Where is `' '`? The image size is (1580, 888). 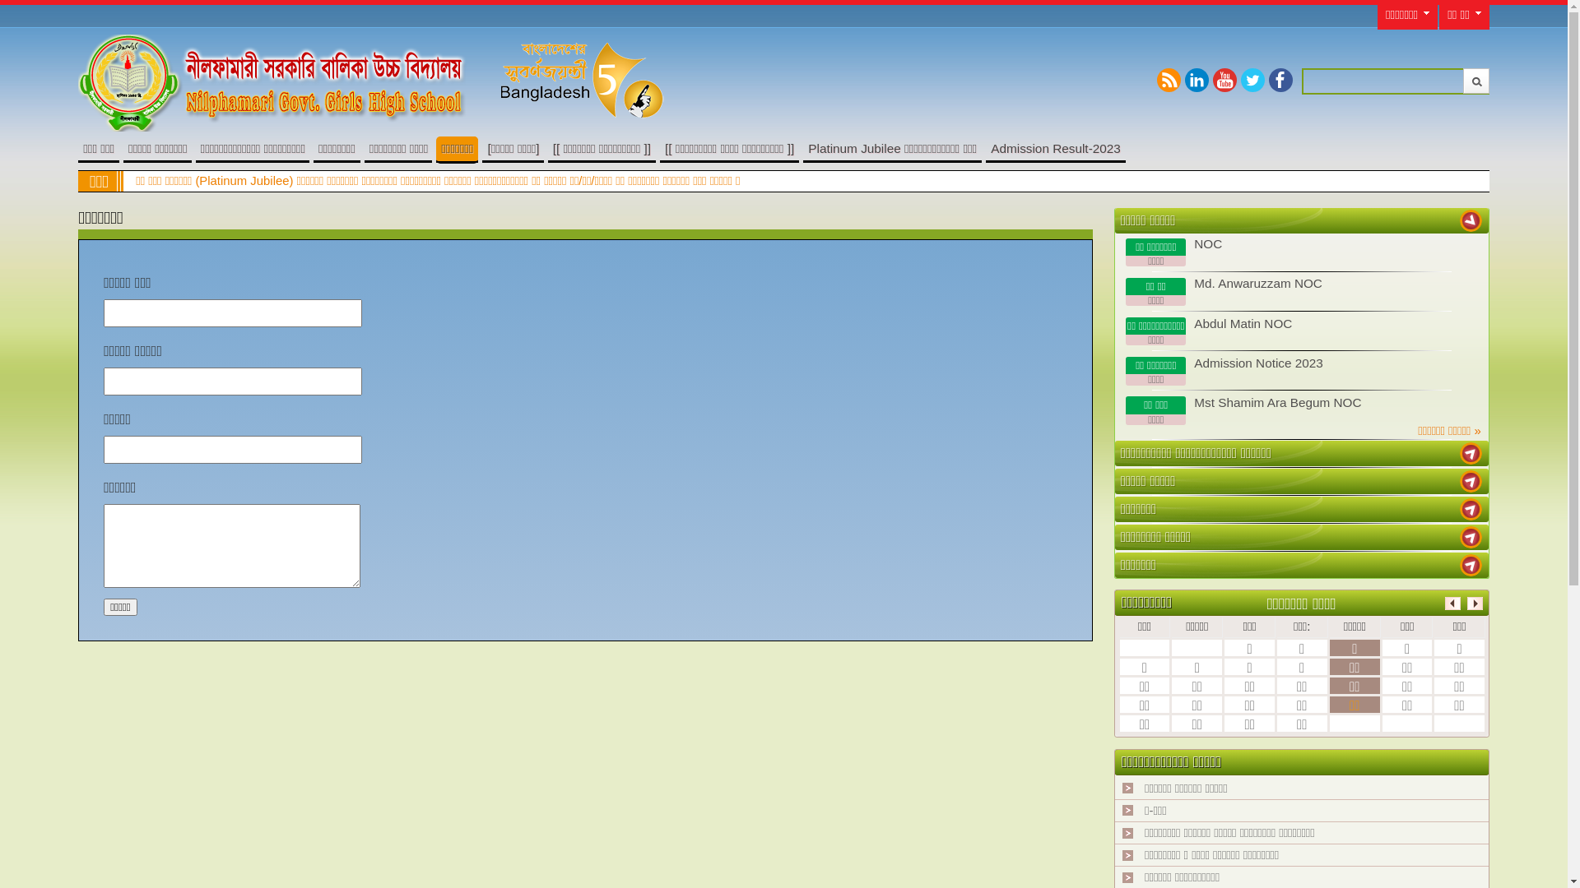 ' ' is located at coordinates (1471, 220).